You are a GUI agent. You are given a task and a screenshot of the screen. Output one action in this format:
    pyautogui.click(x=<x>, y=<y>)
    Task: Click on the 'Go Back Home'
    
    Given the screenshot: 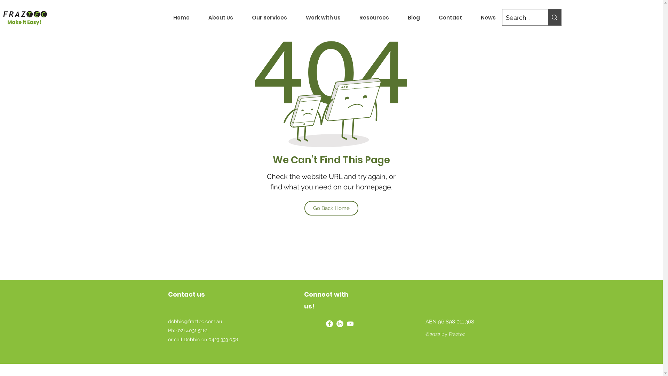 What is the action you would take?
    pyautogui.click(x=331, y=207)
    